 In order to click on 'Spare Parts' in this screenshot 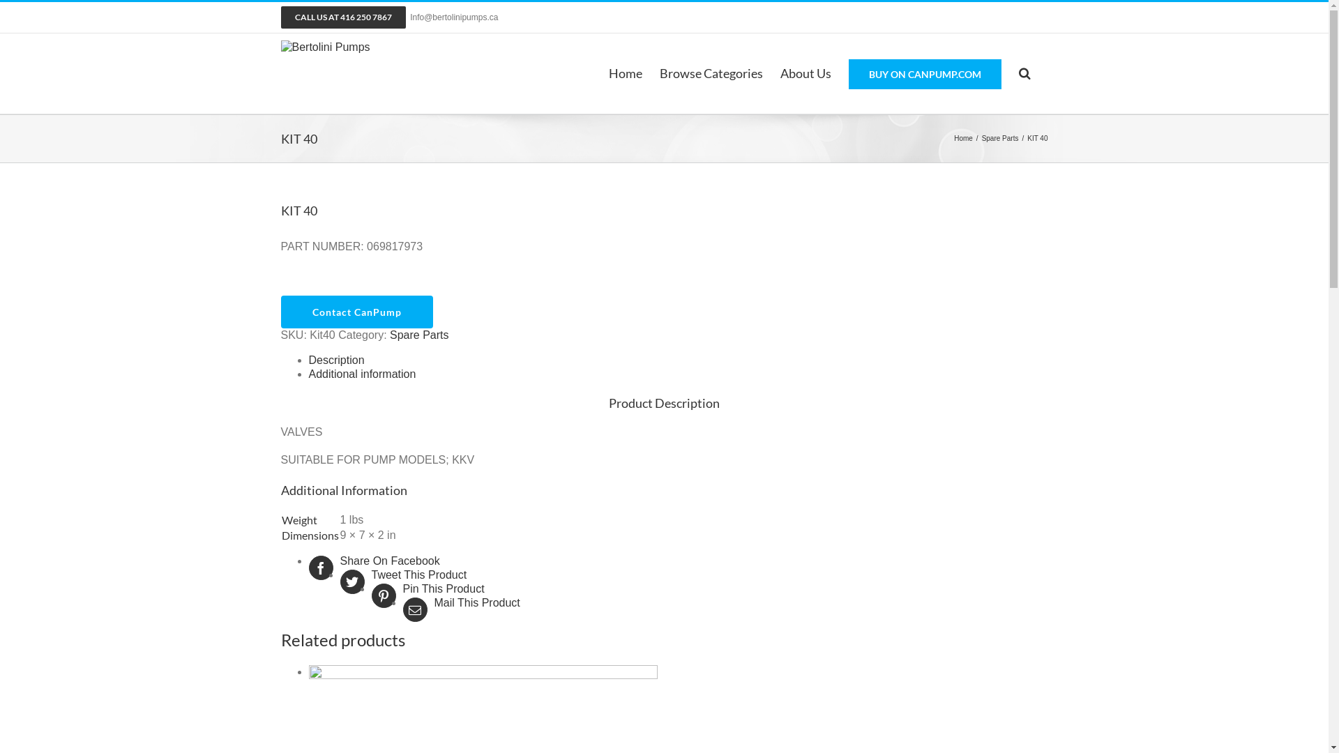, I will do `click(418, 335)`.